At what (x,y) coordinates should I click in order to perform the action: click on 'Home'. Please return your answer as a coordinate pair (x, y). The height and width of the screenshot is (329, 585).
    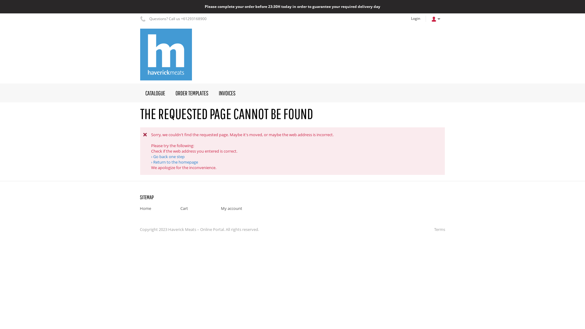
    Looking at the image, I should click on (145, 208).